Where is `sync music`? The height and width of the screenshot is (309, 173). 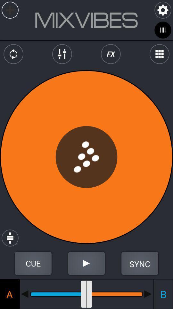
sync music is located at coordinates (139, 263).